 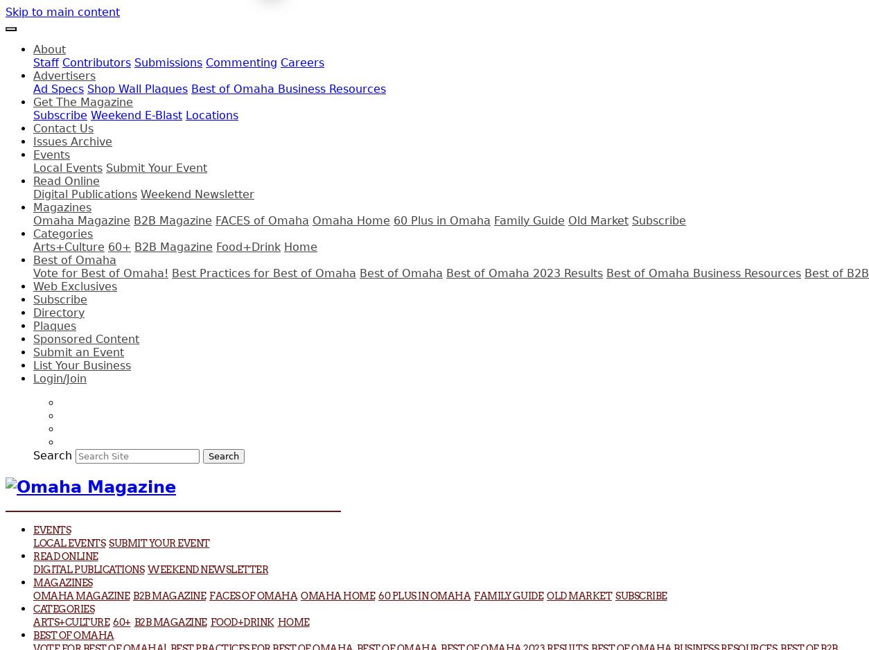 What do you see at coordinates (836, 272) in the screenshot?
I see `'Best of B2B'` at bounding box center [836, 272].